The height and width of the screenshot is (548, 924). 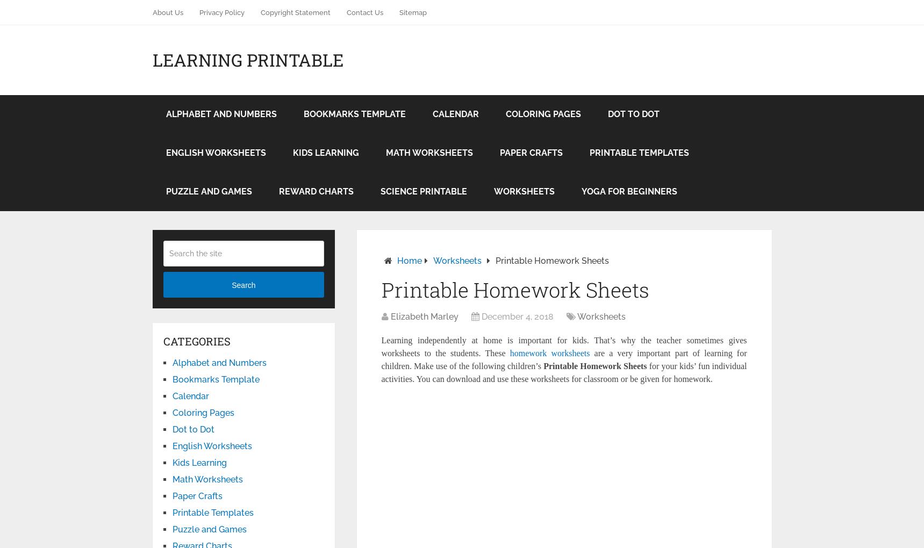 I want to click on 'Math Worksheets', so click(x=206, y=479).